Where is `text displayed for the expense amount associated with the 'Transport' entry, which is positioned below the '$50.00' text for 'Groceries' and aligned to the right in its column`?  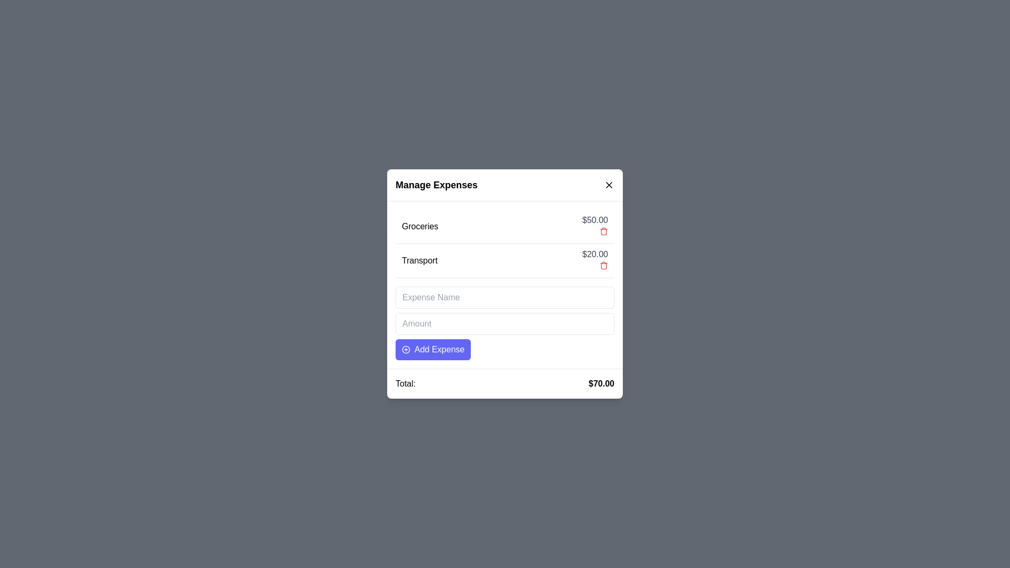
text displayed for the expense amount associated with the 'Transport' entry, which is positioned below the '$50.00' text for 'Groceries' and aligned to the right in its column is located at coordinates (595, 254).